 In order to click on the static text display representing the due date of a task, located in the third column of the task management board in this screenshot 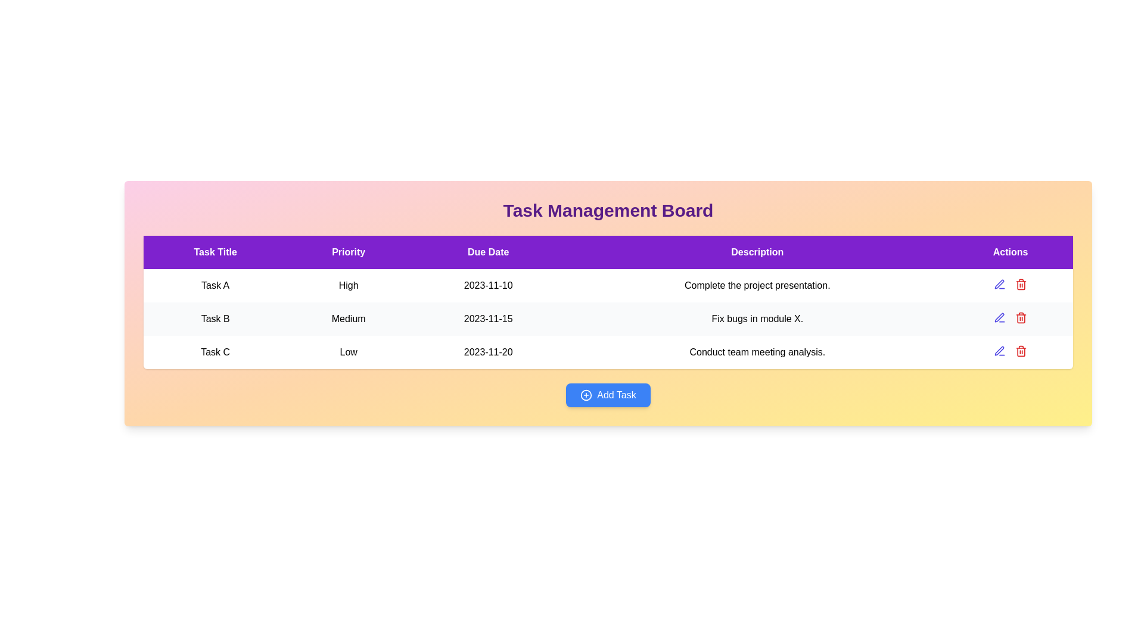, I will do `click(488, 285)`.